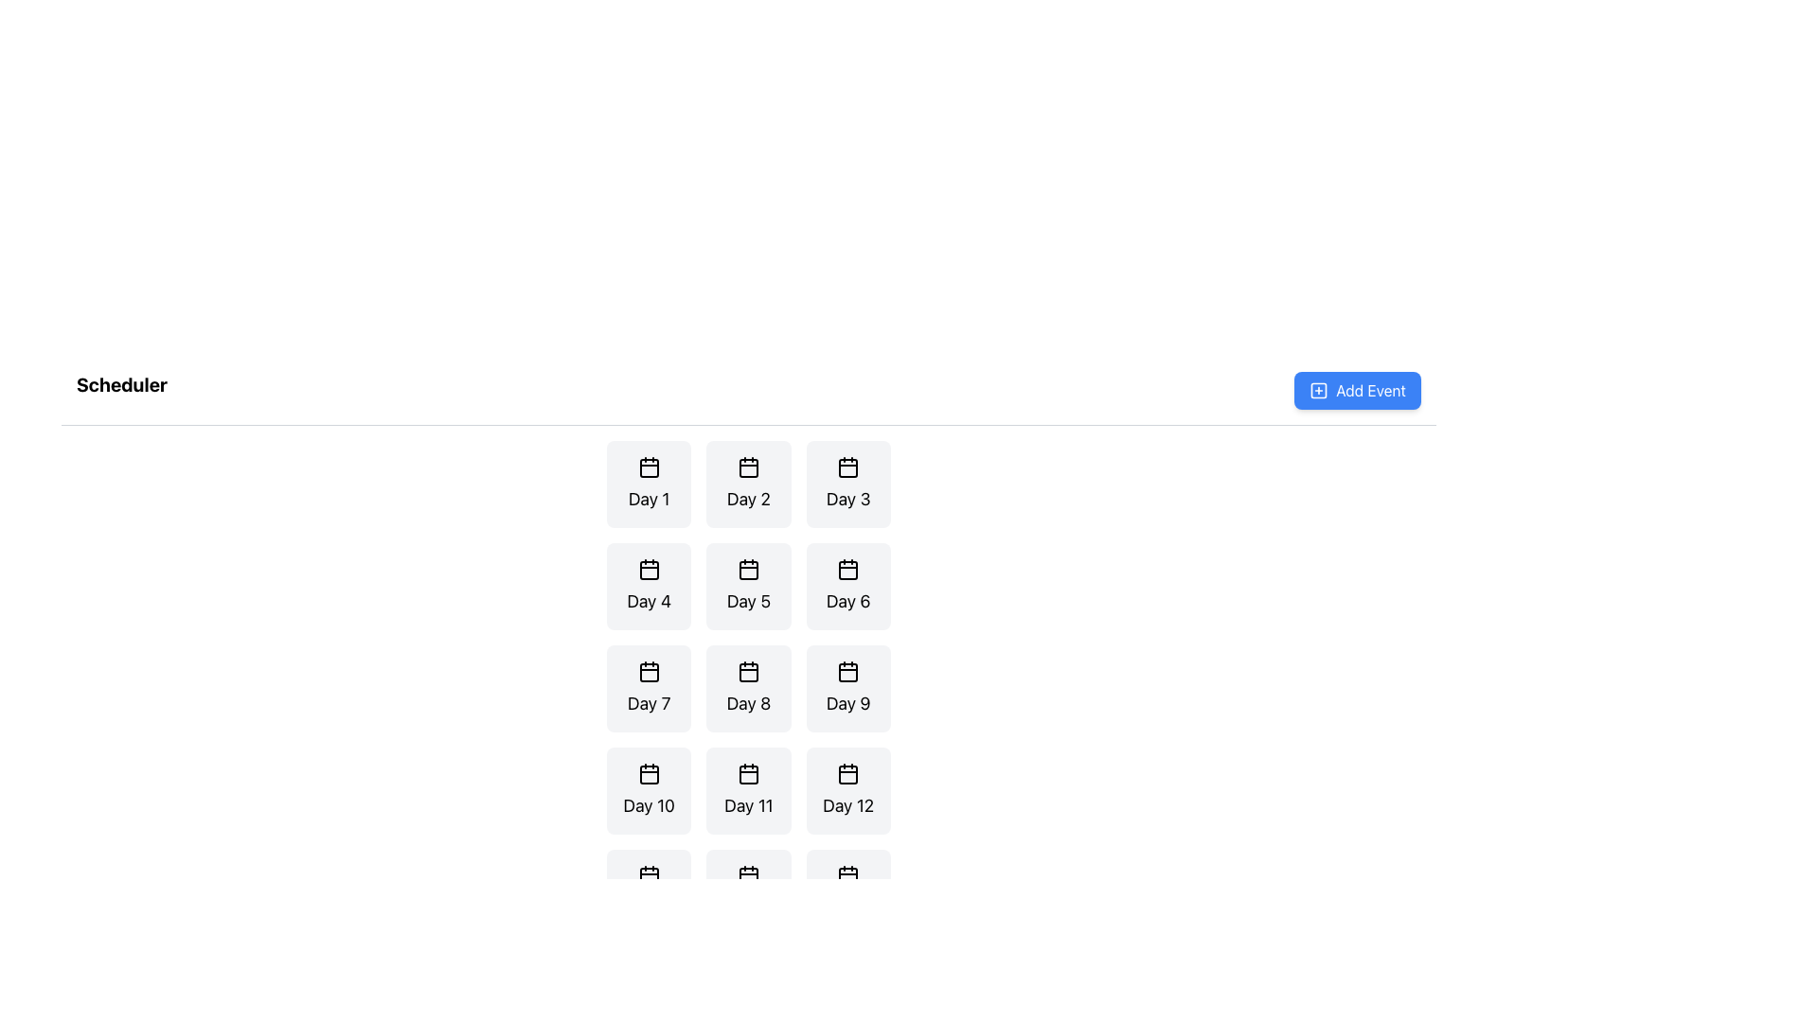 Image resolution: width=1818 pixels, height=1022 pixels. Describe the element at coordinates (748, 671) in the screenshot. I see `the Decorative icon element, which is a small rectangular shape with rounded corners located in the center of the Day 8 tile within the calendar grid` at that location.